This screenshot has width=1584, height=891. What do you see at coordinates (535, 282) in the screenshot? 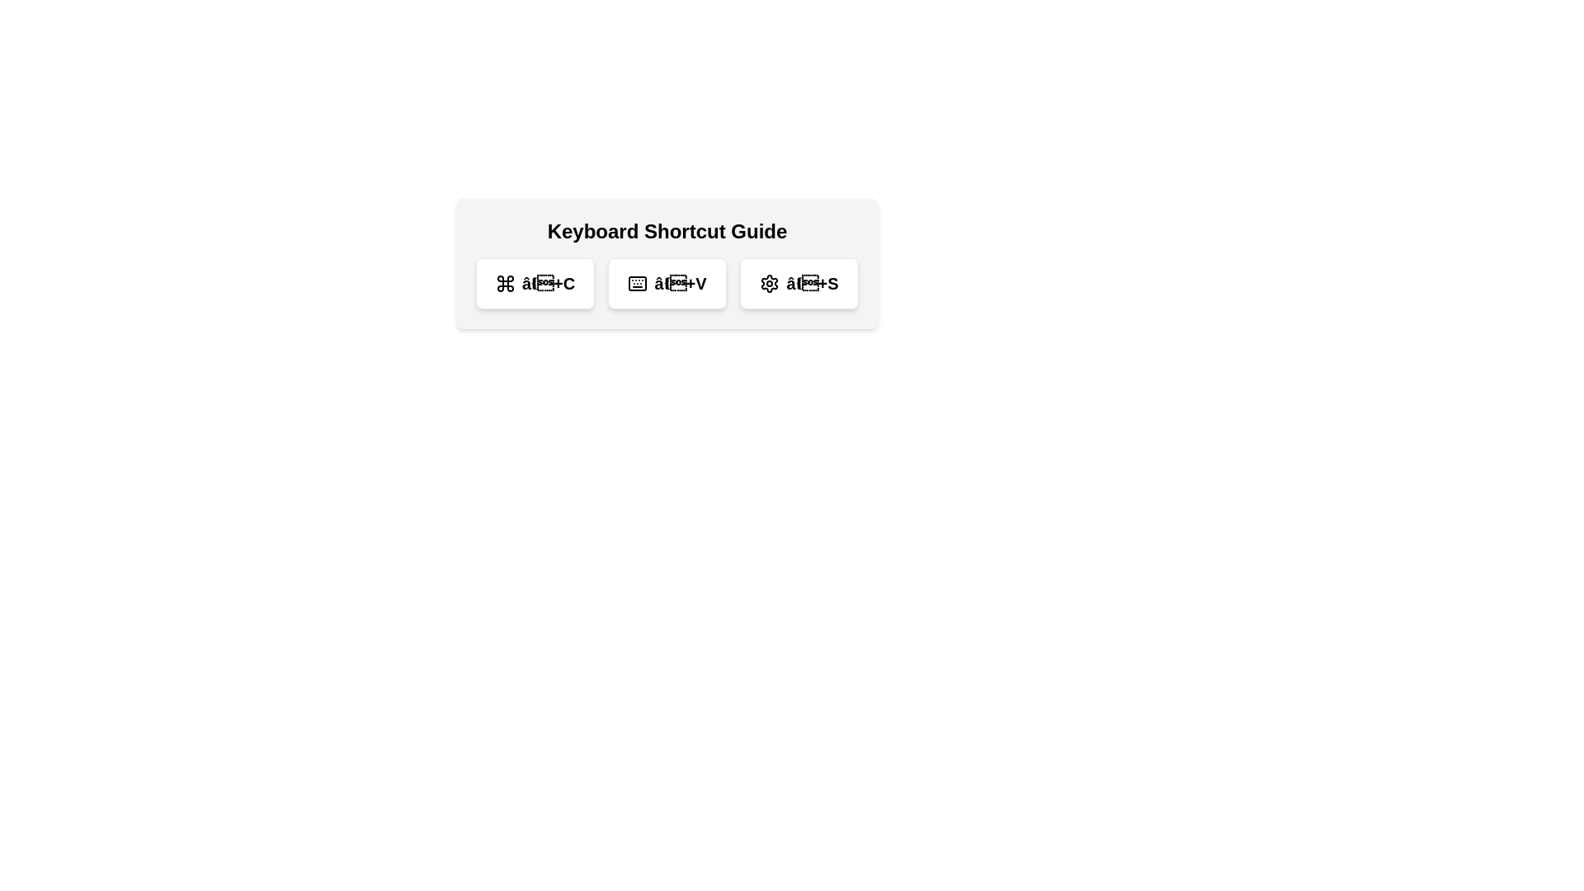
I see `the copy shortcut button, which is the first button in a row of three buttons located in the top-left corner` at bounding box center [535, 282].